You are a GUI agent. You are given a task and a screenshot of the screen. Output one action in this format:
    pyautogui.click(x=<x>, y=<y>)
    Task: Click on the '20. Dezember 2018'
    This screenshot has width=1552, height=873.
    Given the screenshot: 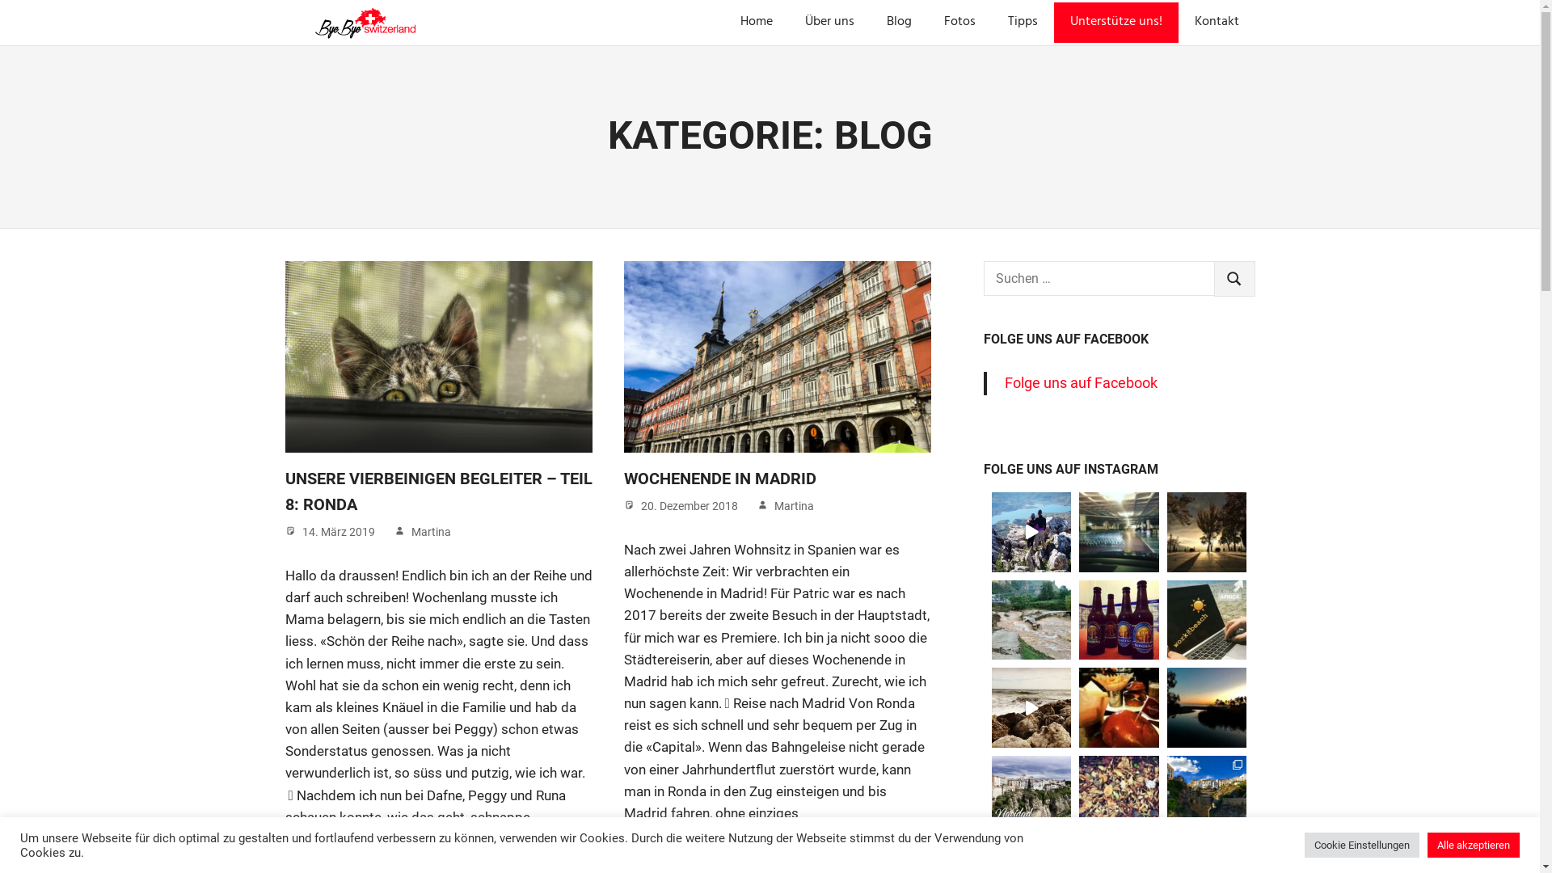 What is the action you would take?
    pyautogui.click(x=688, y=504)
    